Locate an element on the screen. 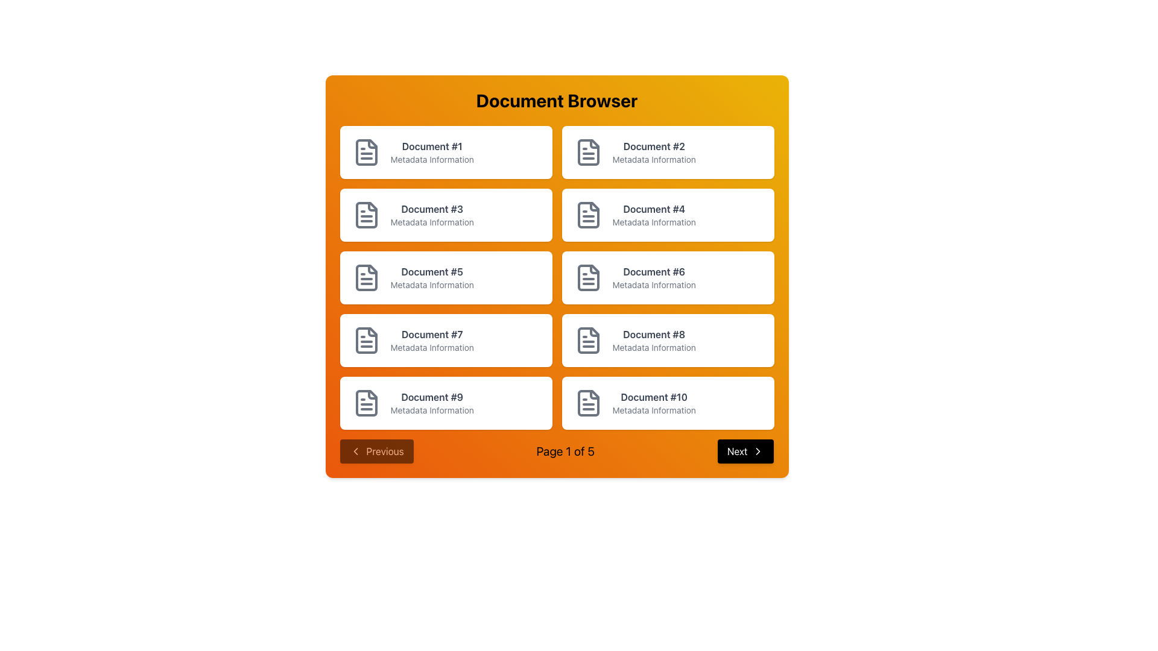 The height and width of the screenshot is (651, 1158). text displayed in the Text Label that shows 'Document #4' and 'Metadata Information', which is centrally aligned and styled in dark font color over a white background is located at coordinates (653, 215).